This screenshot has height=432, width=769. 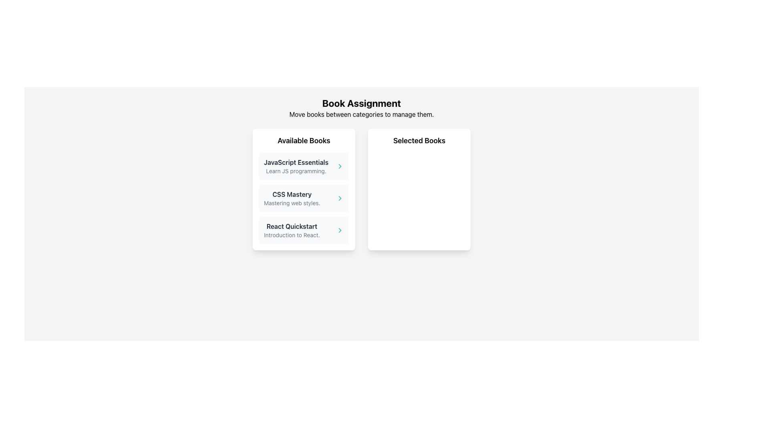 What do you see at coordinates (292, 198) in the screenshot?
I see `the text block displaying information about the book 'CSS Mastery' in the 'Available Books' section` at bounding box center [292, 198].